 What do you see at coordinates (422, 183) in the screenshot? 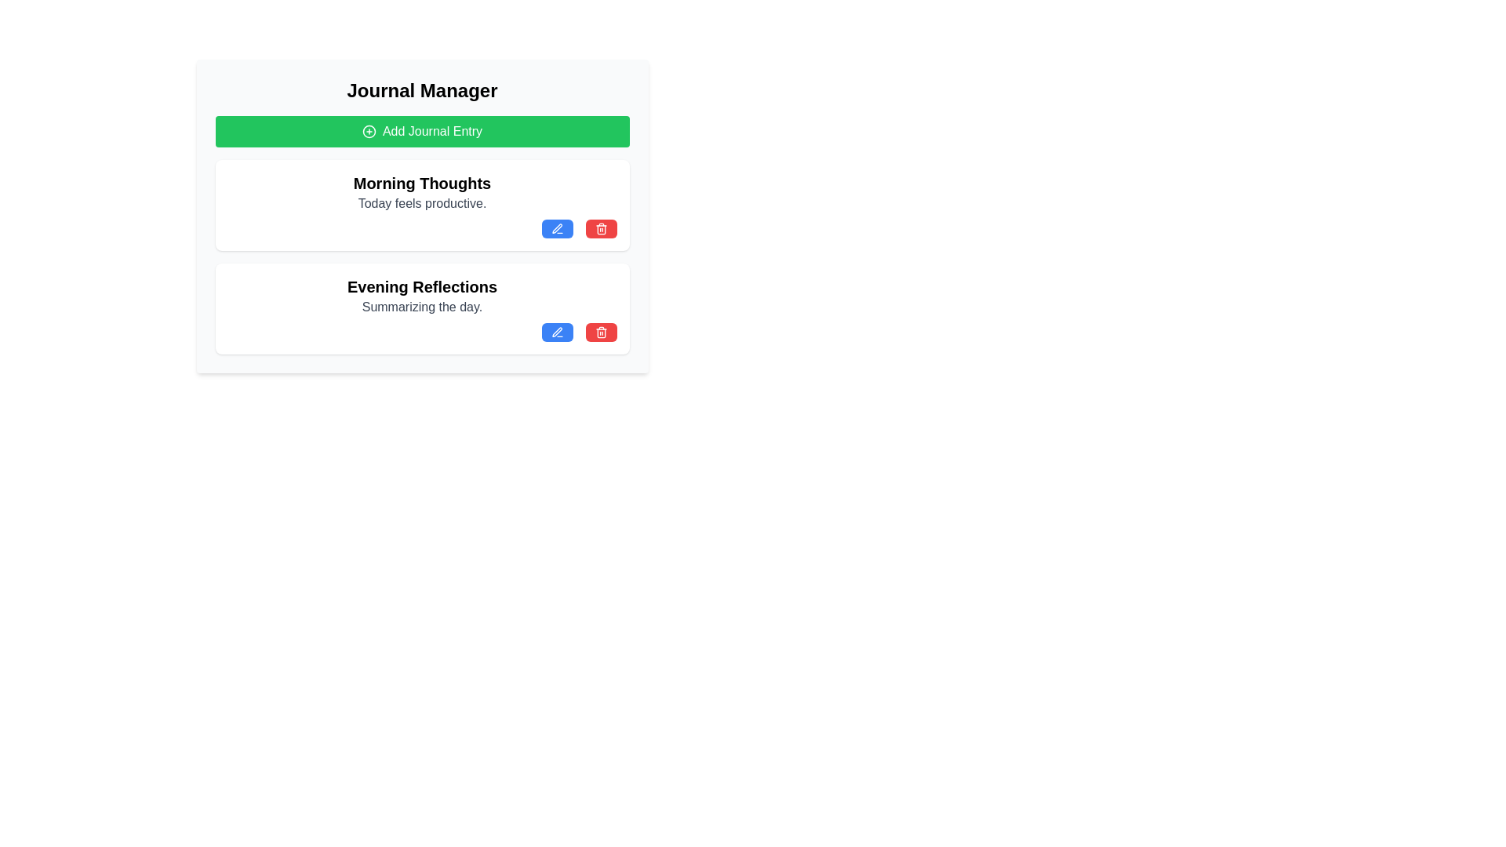
I see `the Text label that serves as a title for the section, located above the description text 'Today feels productive.' and below the green 'Add Journal Entry' button` at bounding box center [422, 183].